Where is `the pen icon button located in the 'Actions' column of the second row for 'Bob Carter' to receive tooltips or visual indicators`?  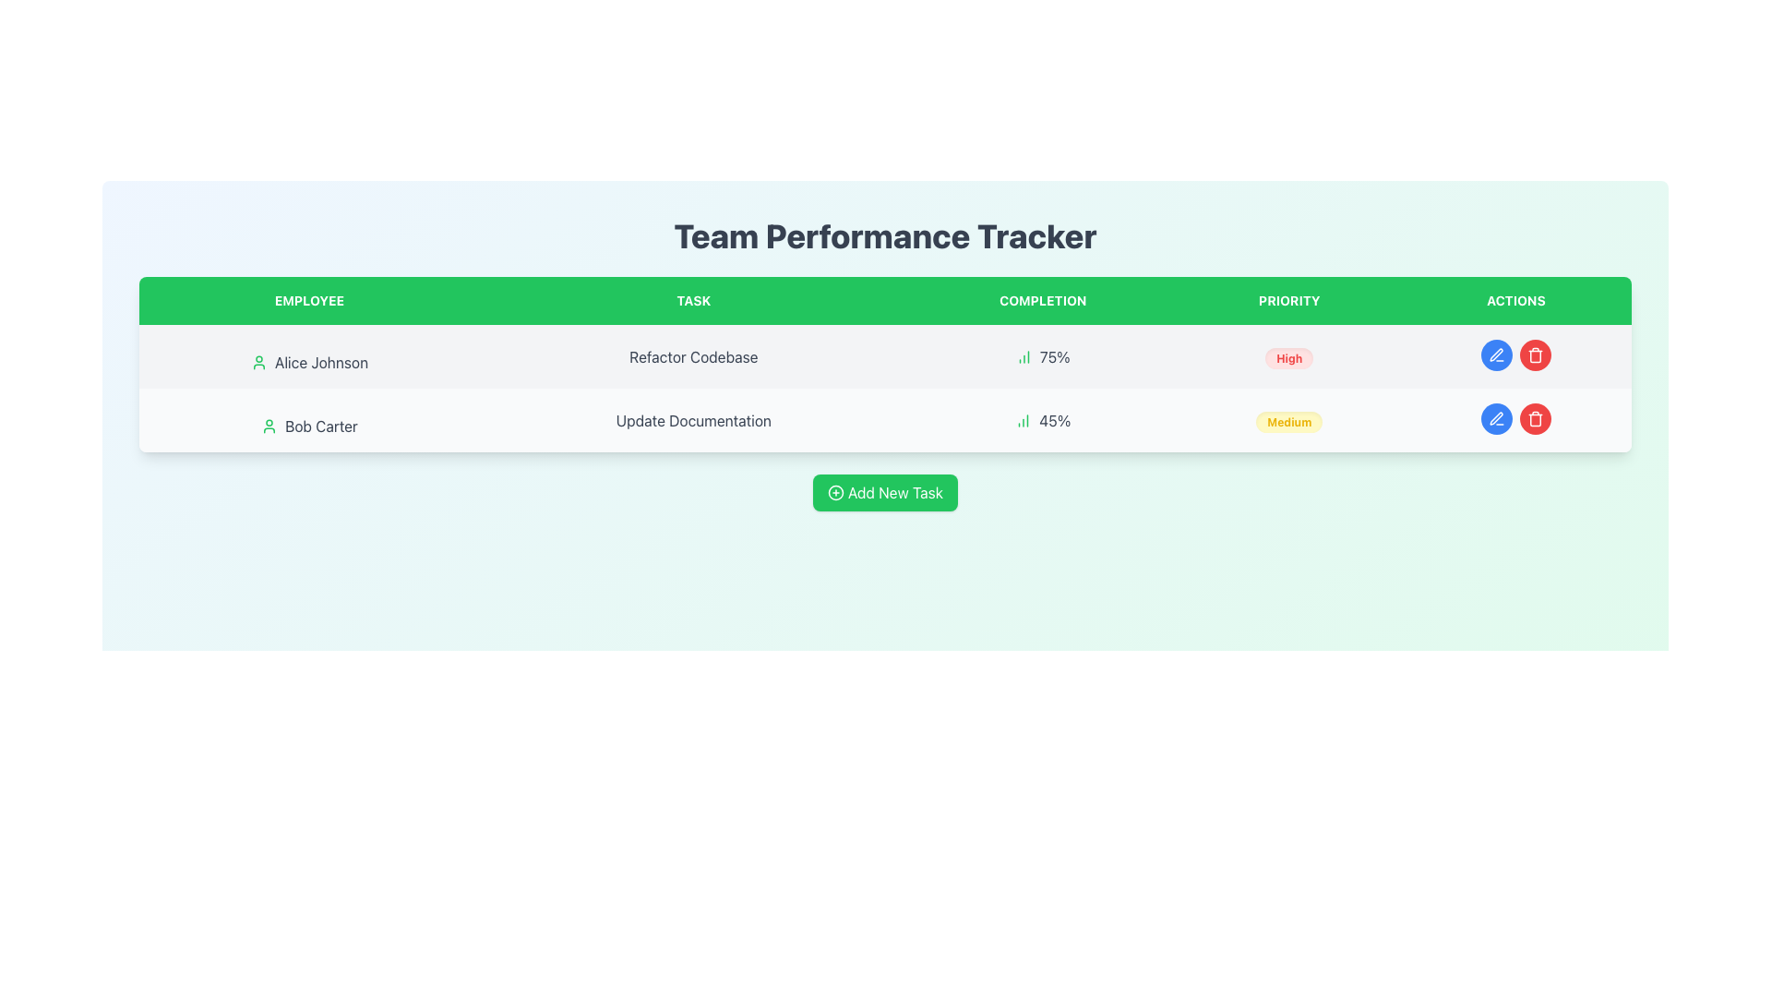 the pen icon button located in the 'Actions' column of the second row for 'Bob Carter' to receive tooltips or visual indicators is located at coordinates (1496, 354).